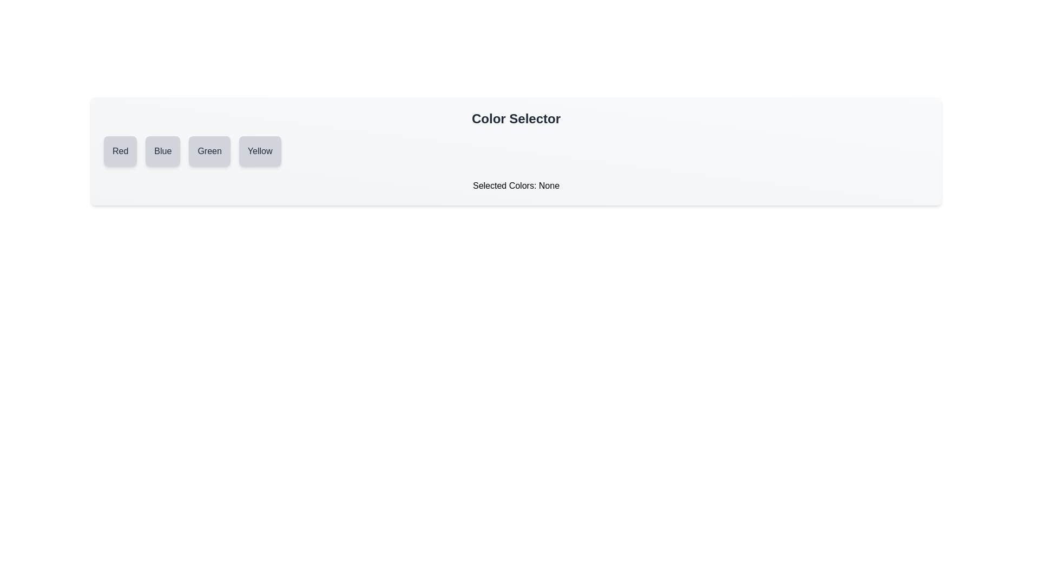 The height and width of the screenshot is (584, 1039). What do you see at coordinates (209, 151) in the screenshot?
I see `the color Green by clicking its button` at bounding box center [209, 151].